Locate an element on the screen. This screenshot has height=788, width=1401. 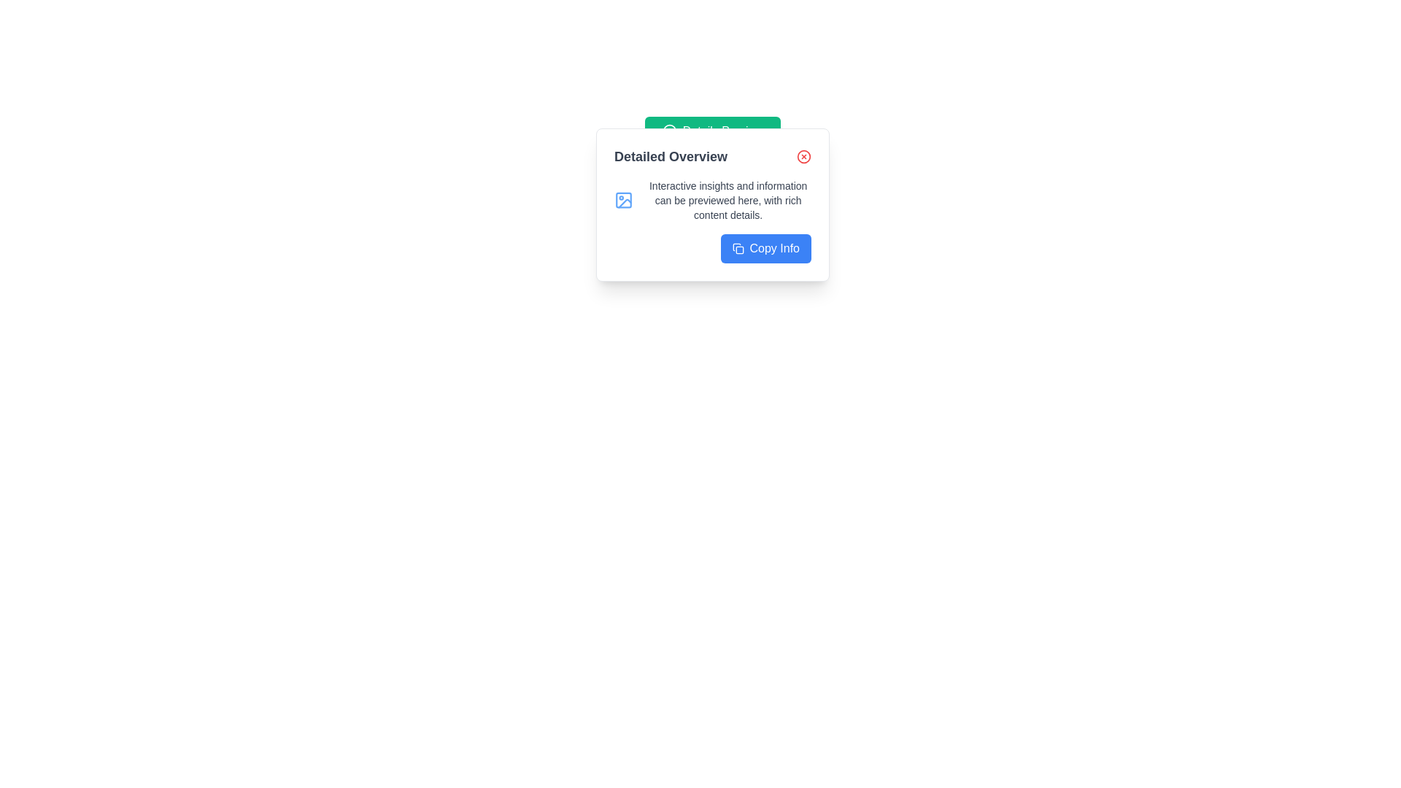
the Popup panel titled 'Detailed Overview', which contains a descriptive paragraph and a button labeled 'Copy Info' is located at coordinates (713, 205).